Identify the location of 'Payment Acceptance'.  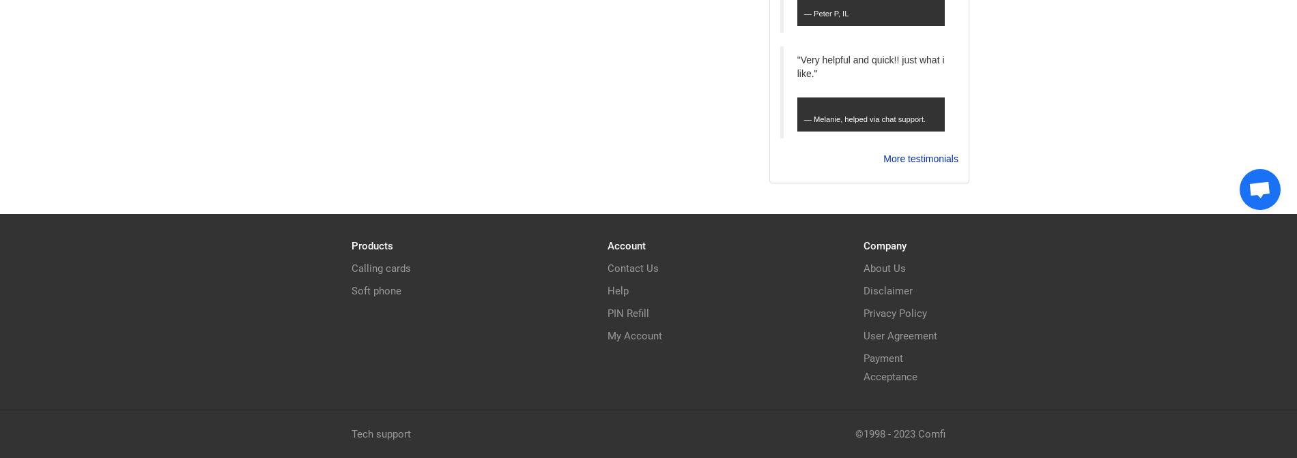
(889, 367).